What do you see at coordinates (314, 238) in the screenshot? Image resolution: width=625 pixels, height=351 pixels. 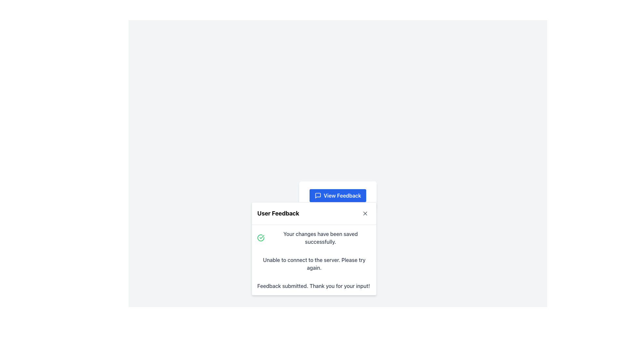 I see `feedback notification message located in the modal box titled 'User Feedback', which is the first notification above the other messages` at bounding box center [314, 238].